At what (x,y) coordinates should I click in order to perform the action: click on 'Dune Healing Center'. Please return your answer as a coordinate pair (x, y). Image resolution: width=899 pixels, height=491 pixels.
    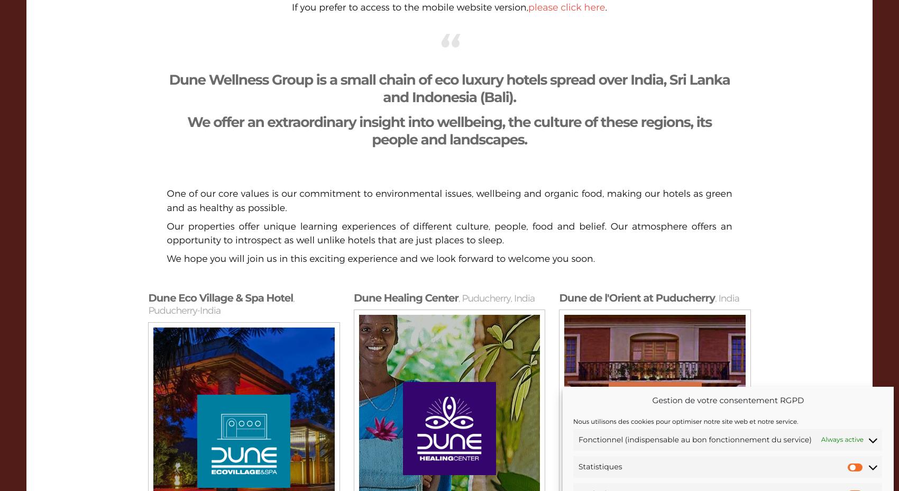
    Looking at the image, I should click on (405, 297).